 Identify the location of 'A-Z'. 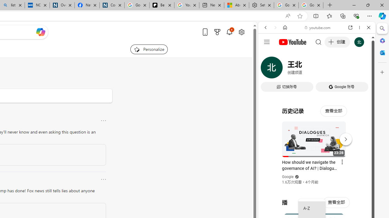
(312, 208).